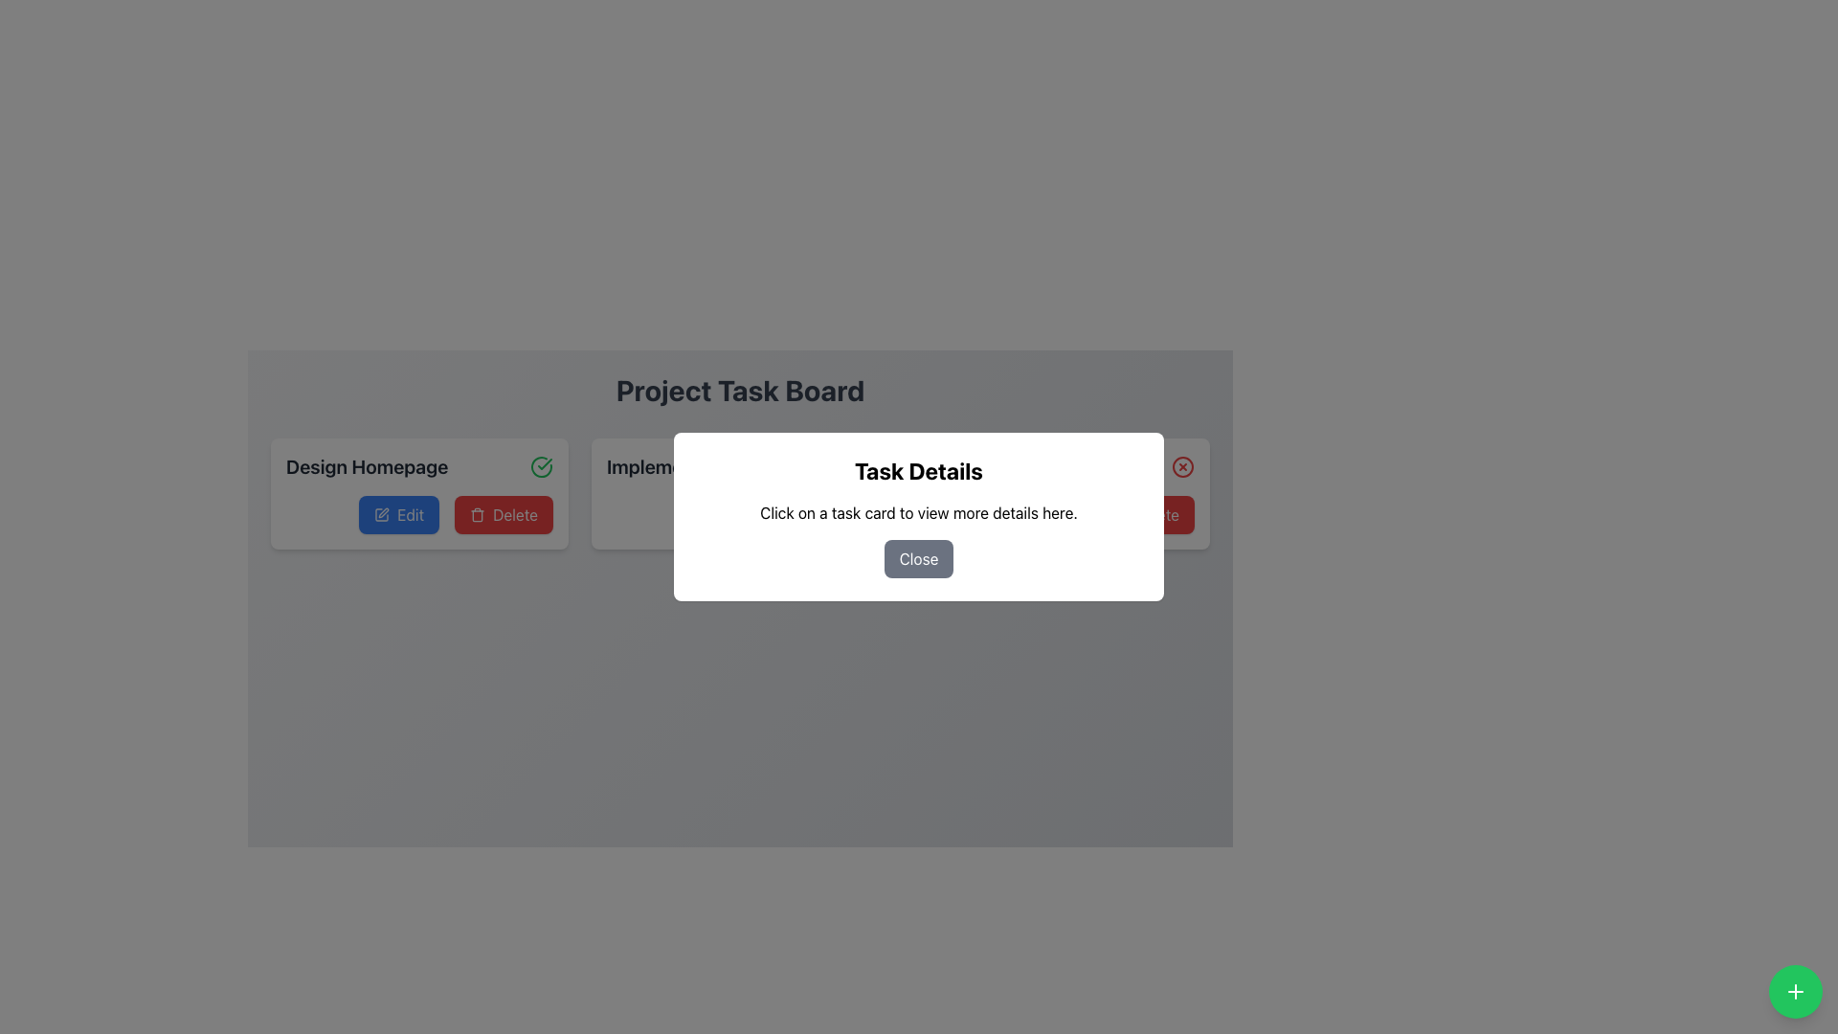 This screenshot has height=1034, width=1838. Describe the element at coordinates (1795, 991) in the screenshot. I see `the green circular button with a white cross icon located at the bottom-right corner of the page` at that location.